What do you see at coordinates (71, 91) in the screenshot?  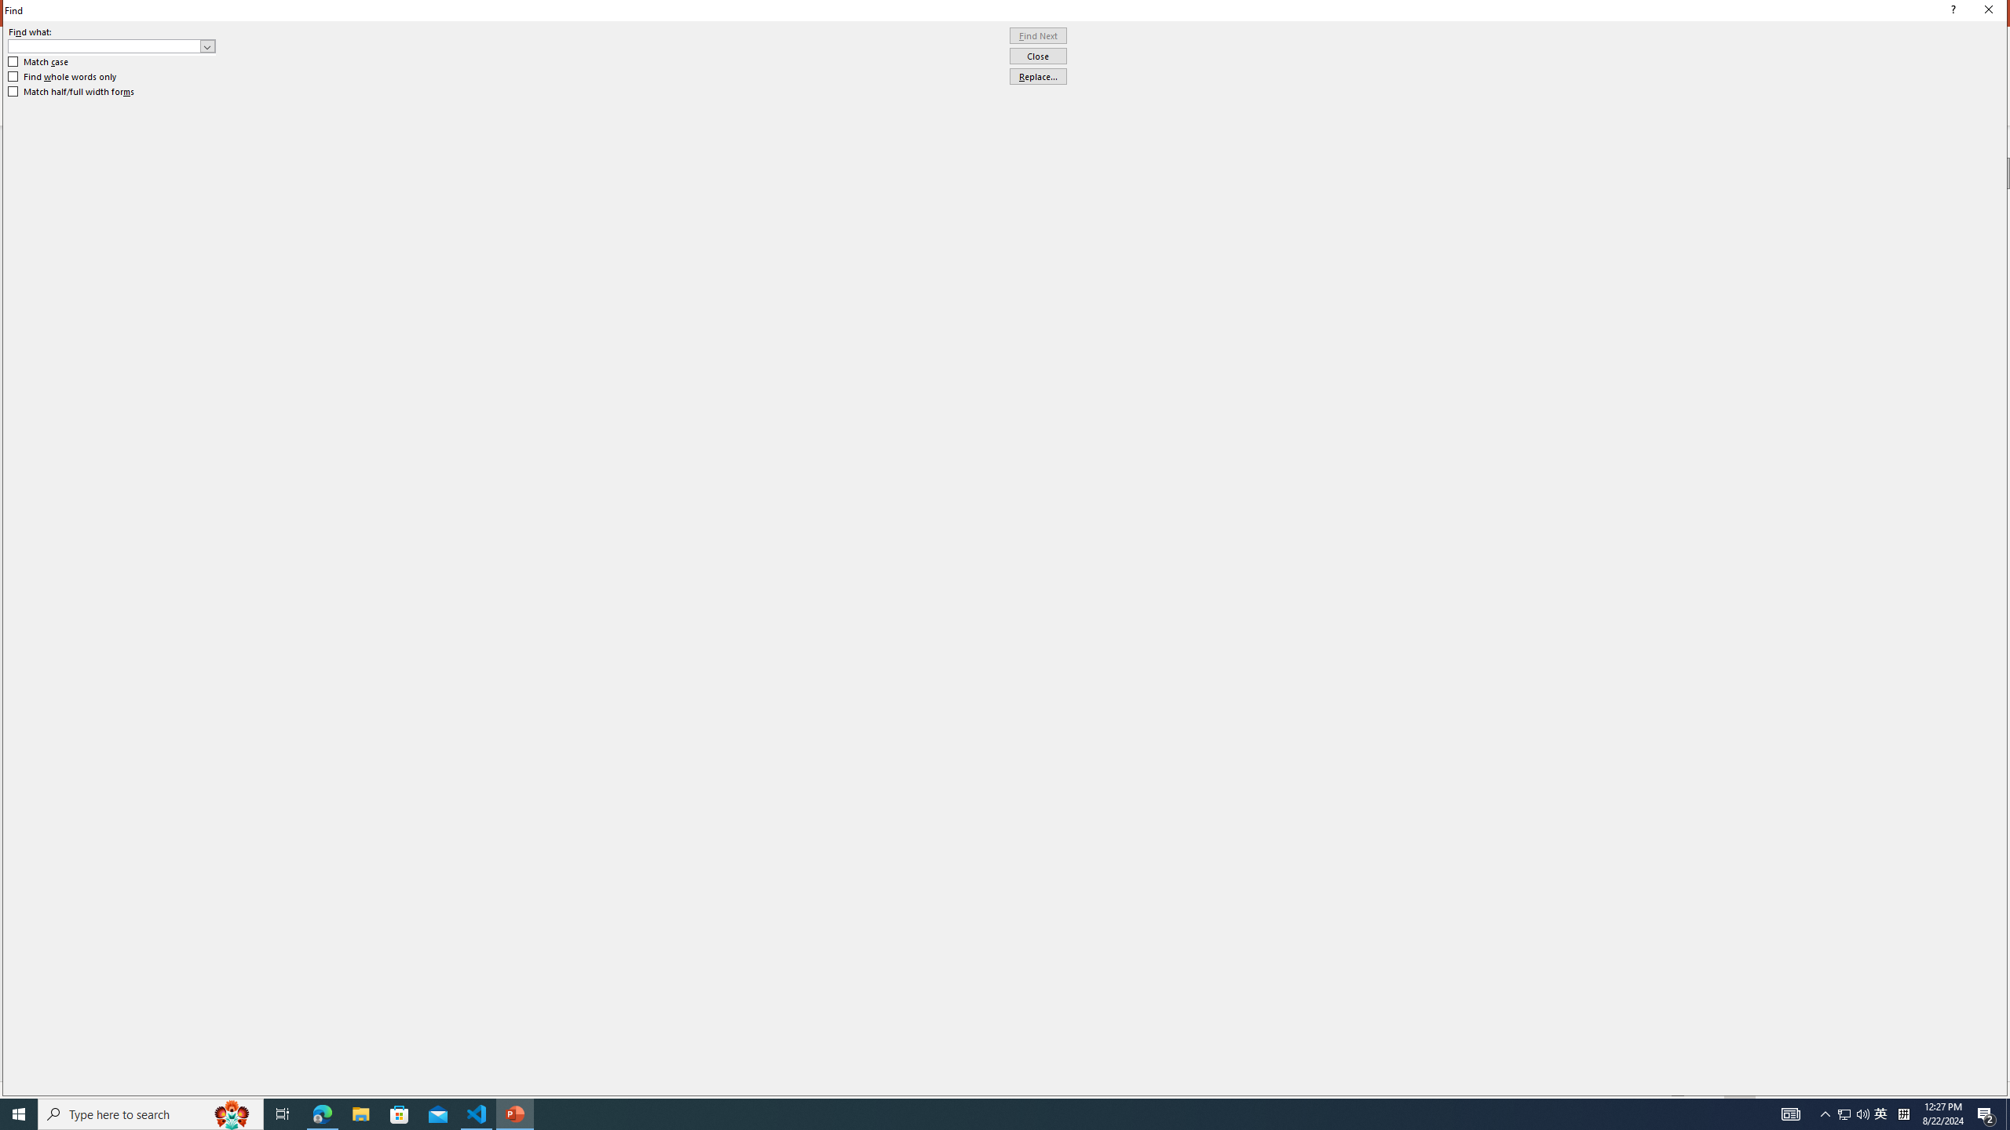 I see `'Match half/full width forms'` at bounding box center [71, 91].